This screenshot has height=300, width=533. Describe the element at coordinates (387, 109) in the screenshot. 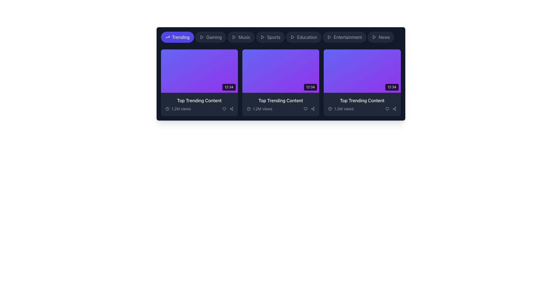

I see `the 'like' button located below the thumbnail image of a trending content card, which is the first icon on the left in the interaction bar` at that location.